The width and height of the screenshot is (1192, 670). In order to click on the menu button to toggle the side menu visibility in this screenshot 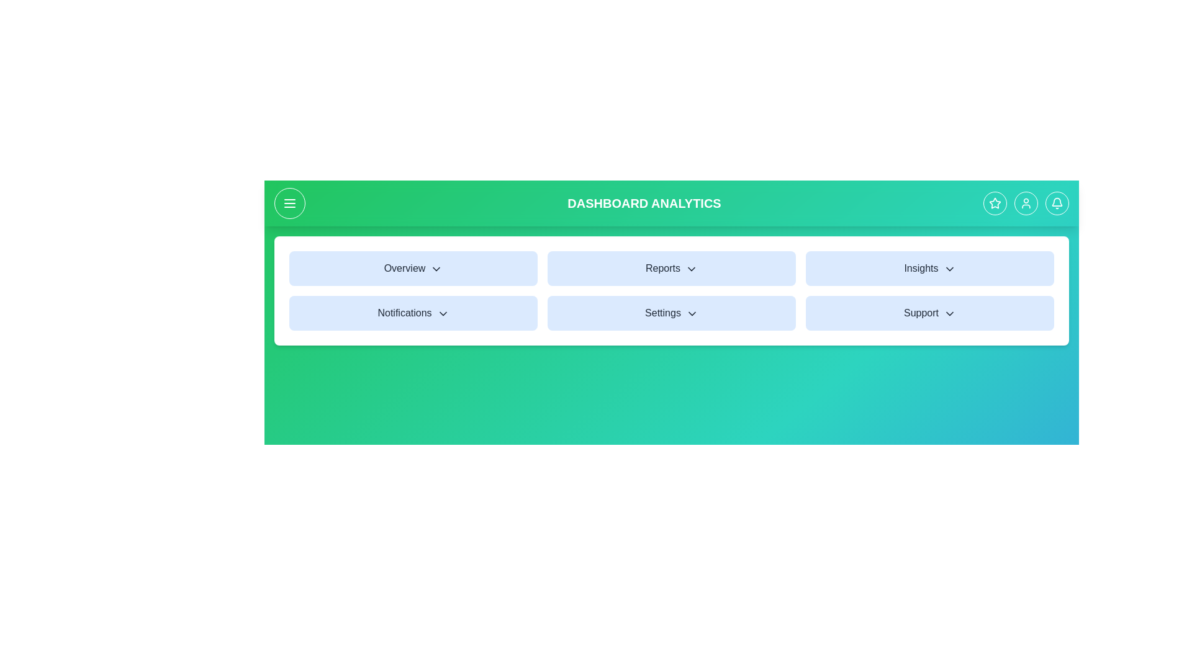, I will do `click(289, 202)`.